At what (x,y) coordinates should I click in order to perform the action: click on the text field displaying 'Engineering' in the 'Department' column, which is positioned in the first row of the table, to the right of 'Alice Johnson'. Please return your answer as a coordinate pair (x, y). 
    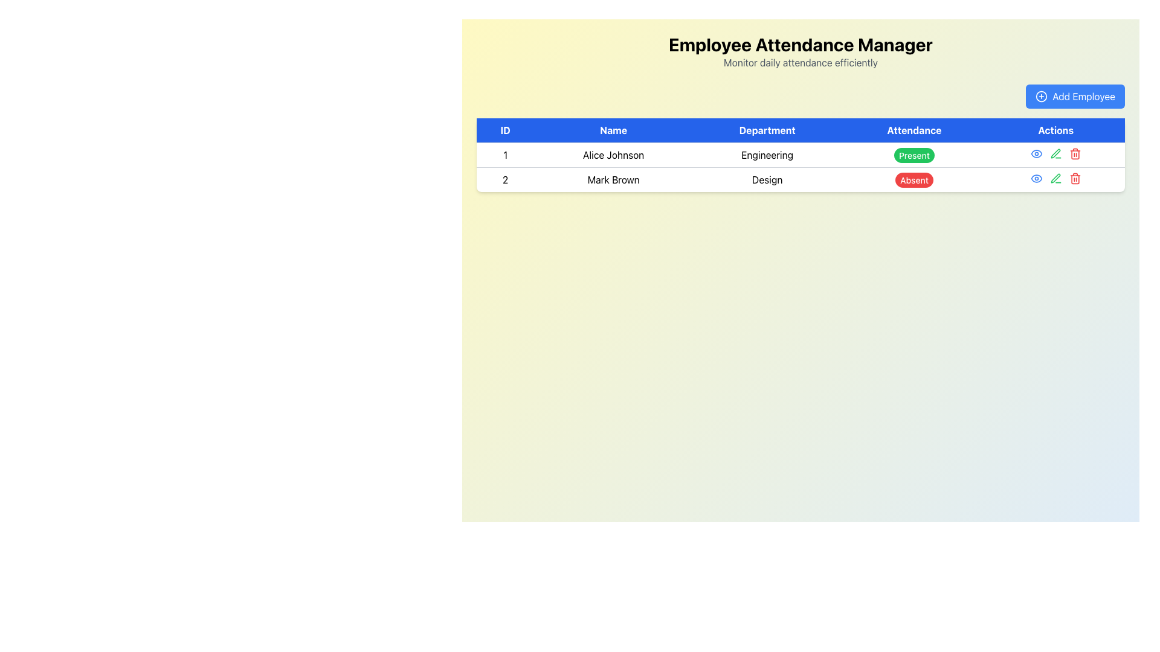
    Looking at the image, I should click on (767, 155).